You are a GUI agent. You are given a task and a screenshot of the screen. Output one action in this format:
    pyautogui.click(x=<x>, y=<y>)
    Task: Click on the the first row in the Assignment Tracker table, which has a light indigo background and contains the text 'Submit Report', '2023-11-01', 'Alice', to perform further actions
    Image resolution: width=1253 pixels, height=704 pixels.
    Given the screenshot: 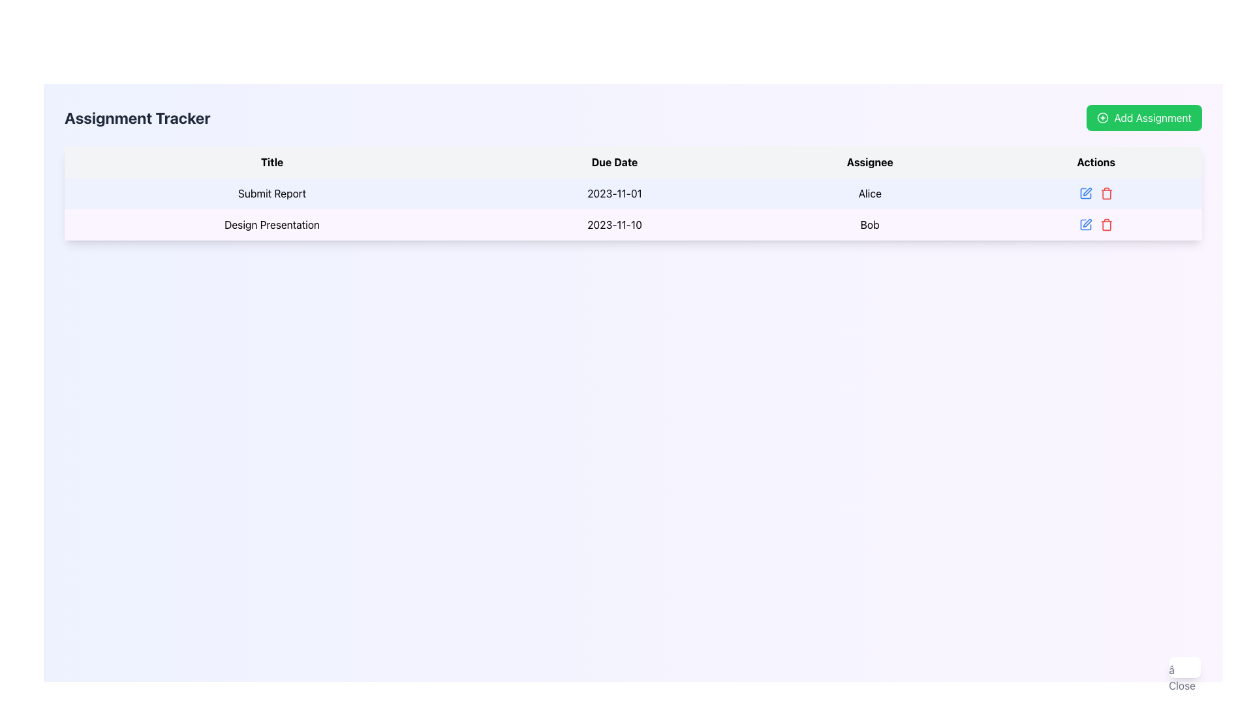 What is the action you would take?
    pyautogui.click(x=633, y=194)
    